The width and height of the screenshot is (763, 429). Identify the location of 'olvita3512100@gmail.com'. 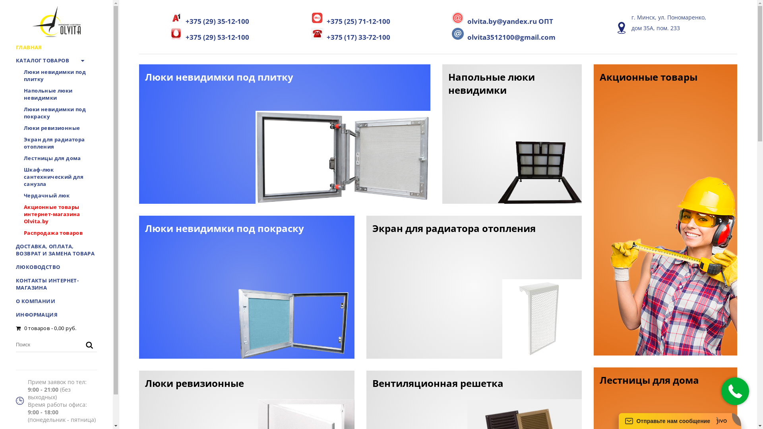
(503, 34).